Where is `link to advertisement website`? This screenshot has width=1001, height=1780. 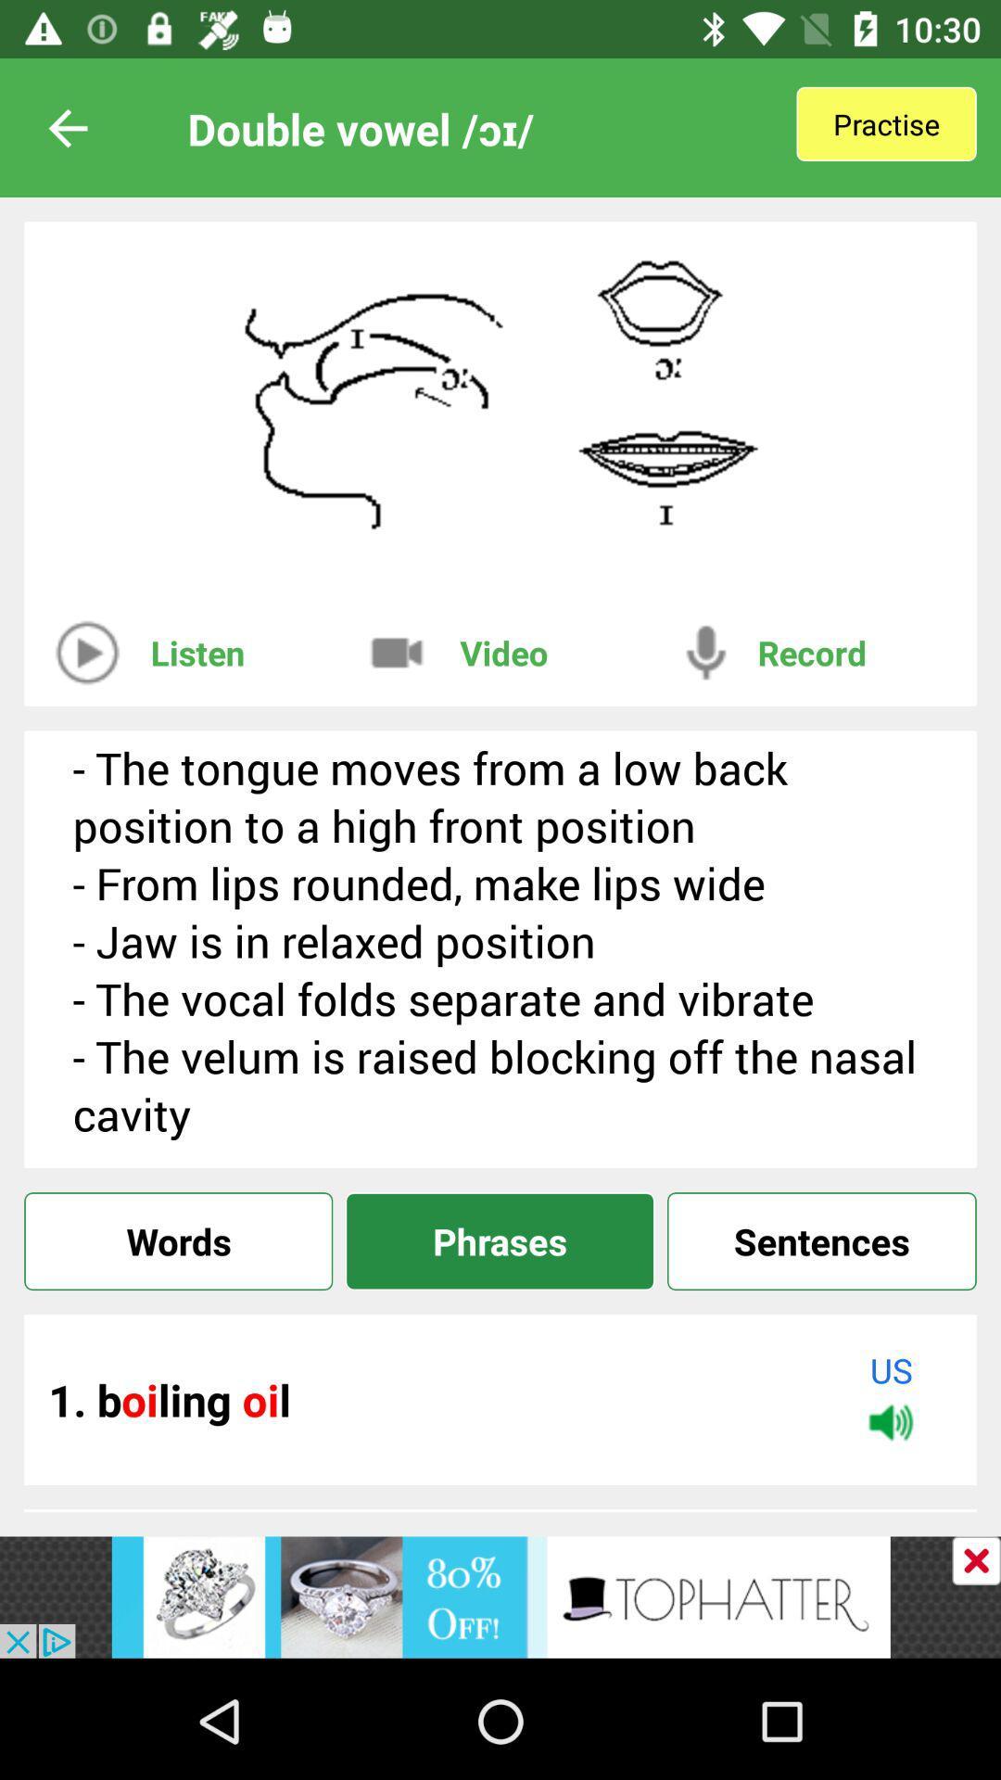
link to advertisement website is located at coordinates (500, 1596).